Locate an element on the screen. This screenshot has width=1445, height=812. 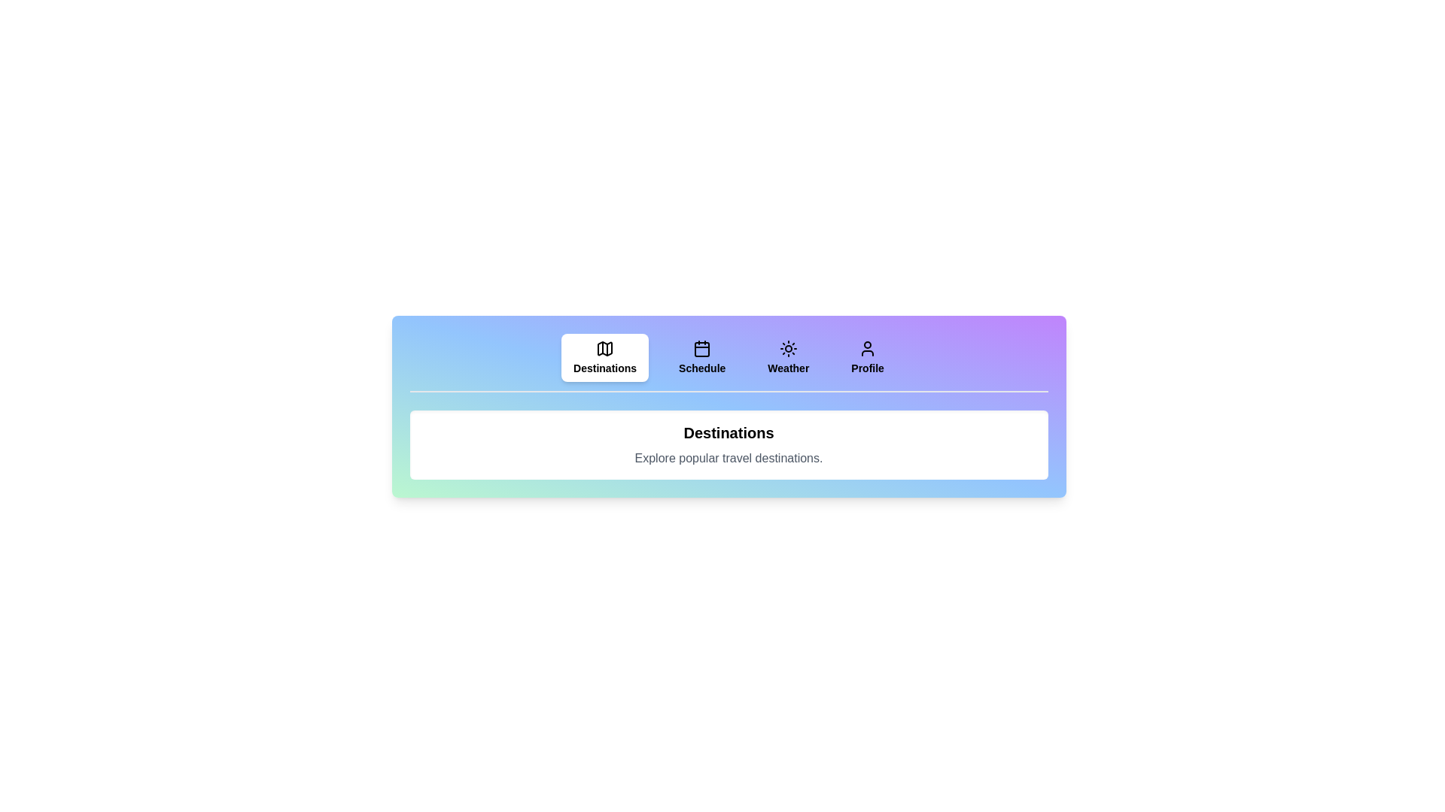
the Profile tab is located at coordinates (868, 357).